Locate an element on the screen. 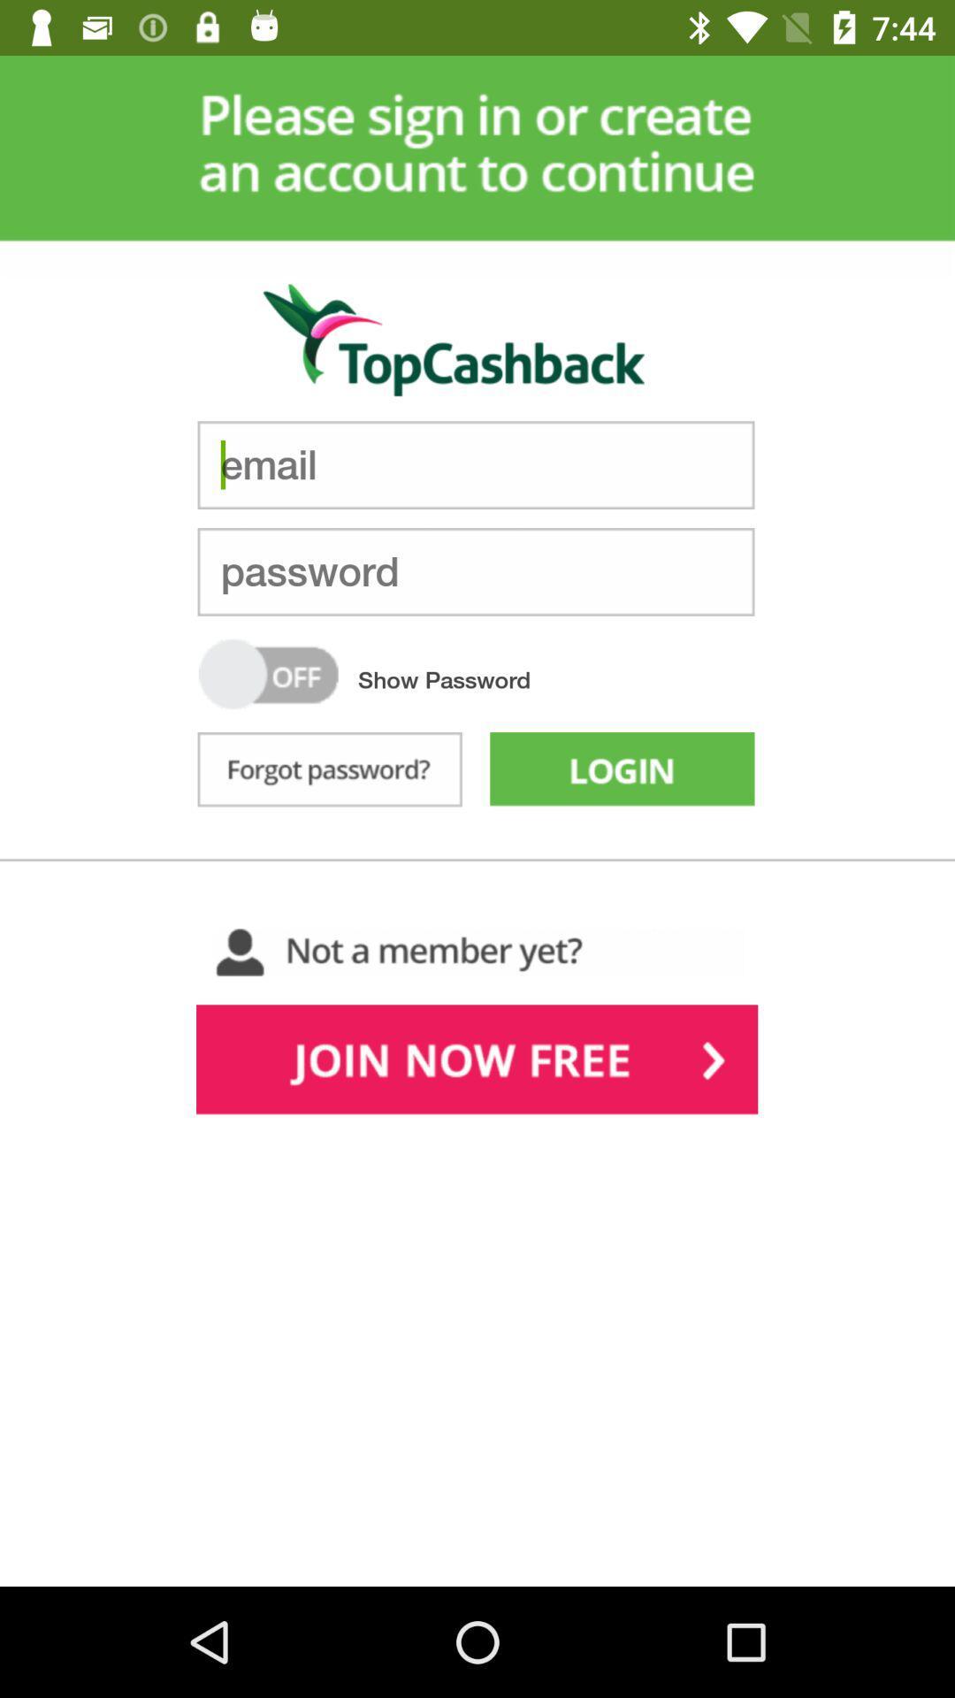 The image size is (955, 1698). join now free is located at coordinates (476, 1063).